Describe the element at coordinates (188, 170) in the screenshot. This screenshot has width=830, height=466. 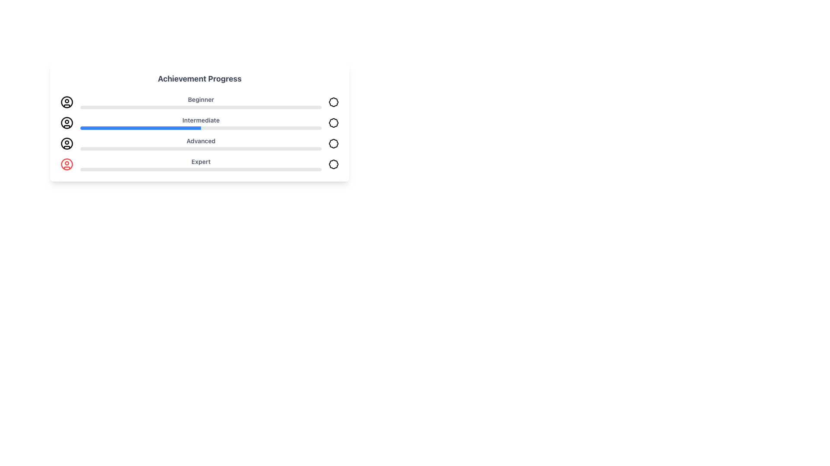
I see `the non-interactive progress bar representing the 'Expert' level, which is the fourth in a vertical sequence of similar progress bars` at that location.